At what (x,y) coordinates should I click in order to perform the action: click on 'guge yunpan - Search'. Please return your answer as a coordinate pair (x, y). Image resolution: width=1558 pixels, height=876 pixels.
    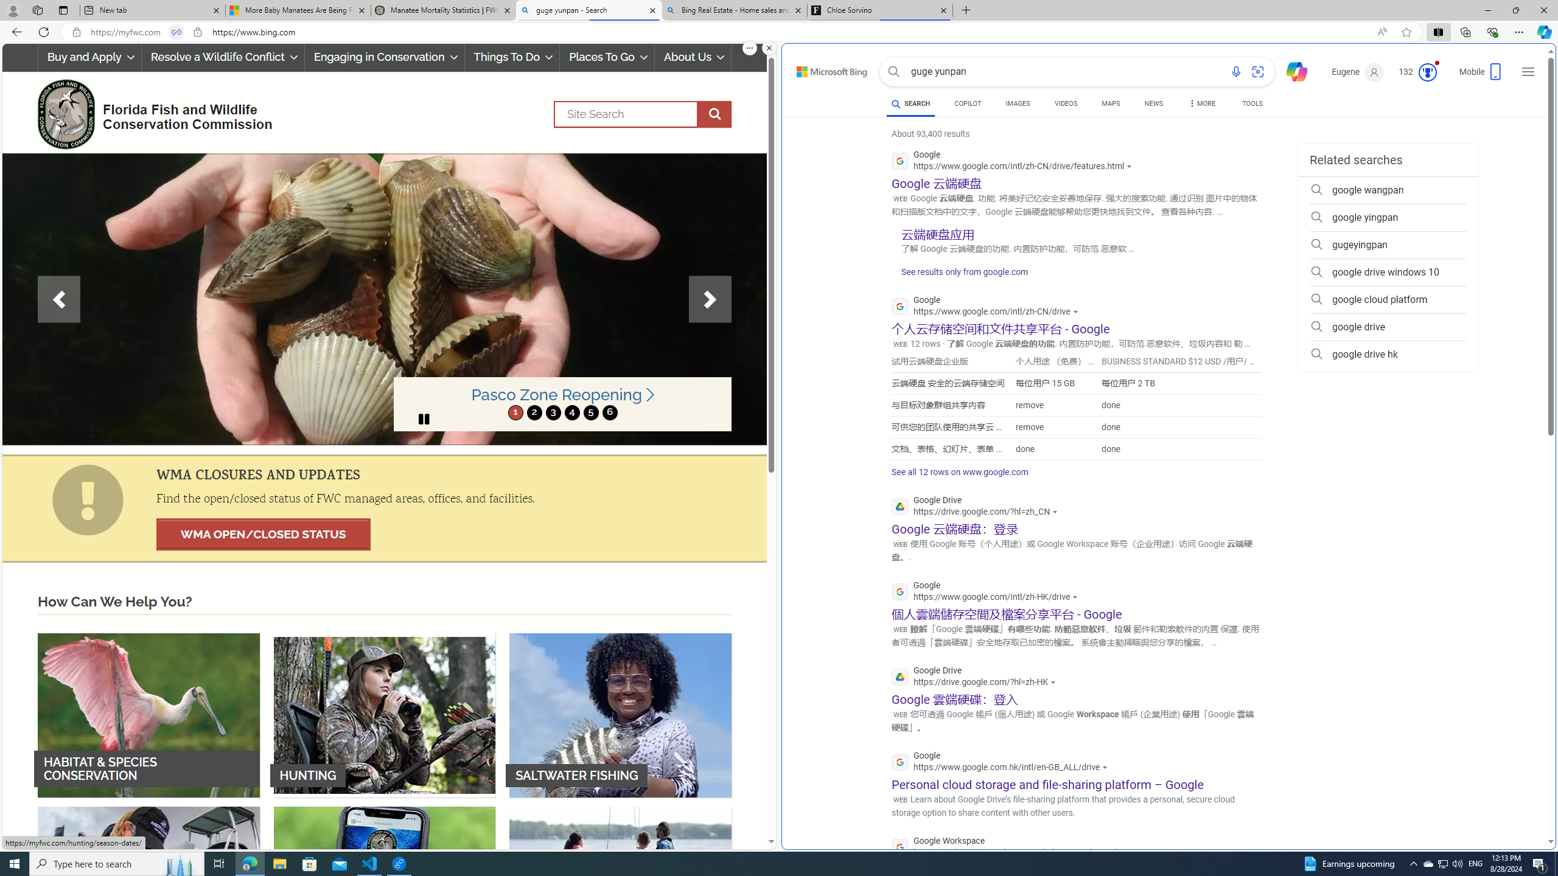
    Looking at the image, I should click on (588, 10).